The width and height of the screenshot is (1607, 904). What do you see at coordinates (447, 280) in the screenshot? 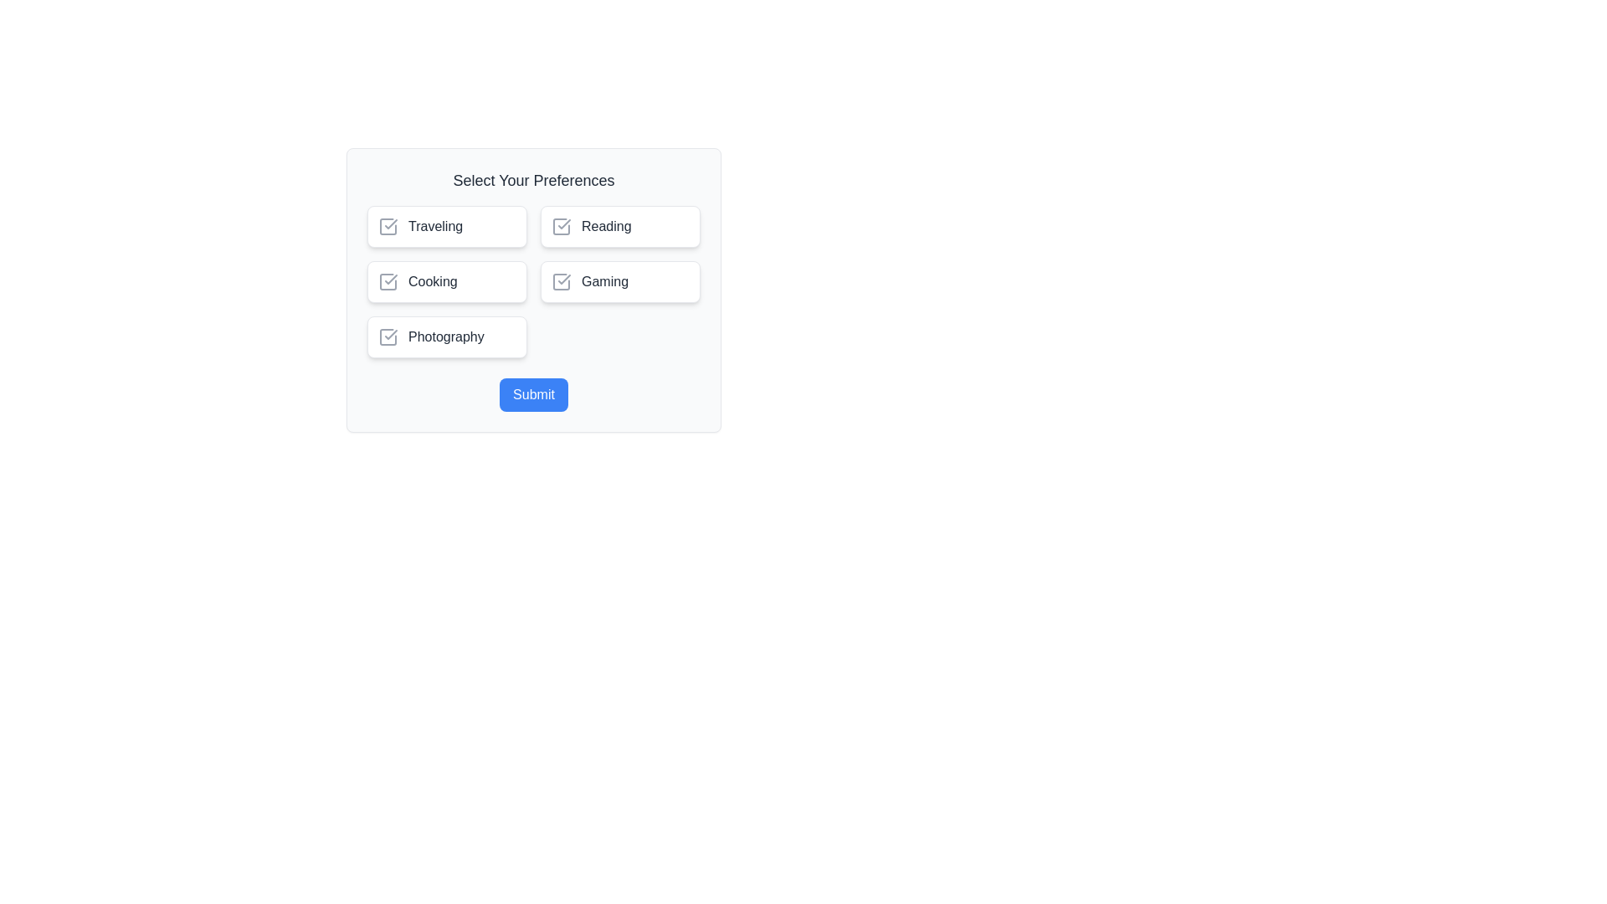
I see `the 'Cooking' preference button, which is a rectangular button with rounded corners, a white background, and a checkmark icon on the left, located in the grid layout as the third button in the first column of the second row` at bounding box center [447, 280].